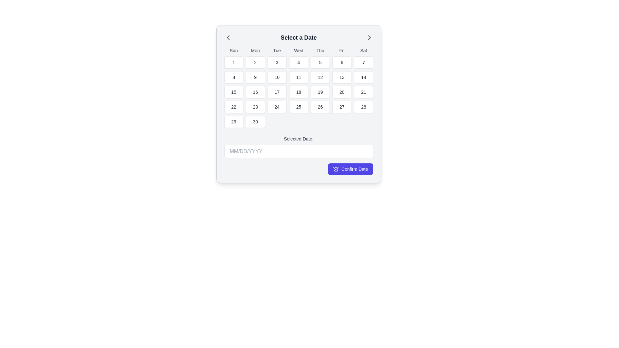 This screenshot has width=619, height=348. What do you see at coordinates (341, 92) in the screenshot?
I see `the selectable calendar date button for the 20th day in the date picker widget titled 'Select a Date' located in the sixth column of the third row` at bounding box center [341, 92].